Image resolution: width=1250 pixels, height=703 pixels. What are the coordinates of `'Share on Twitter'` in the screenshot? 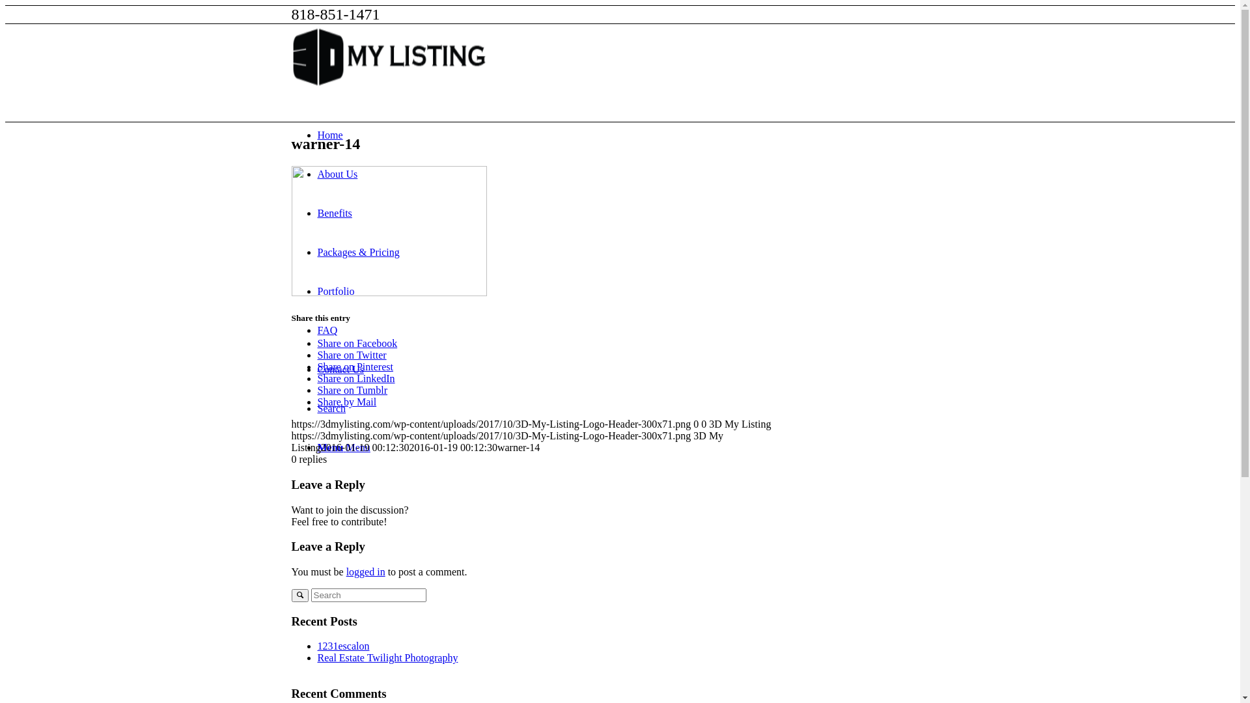 It's located at (352, 355).